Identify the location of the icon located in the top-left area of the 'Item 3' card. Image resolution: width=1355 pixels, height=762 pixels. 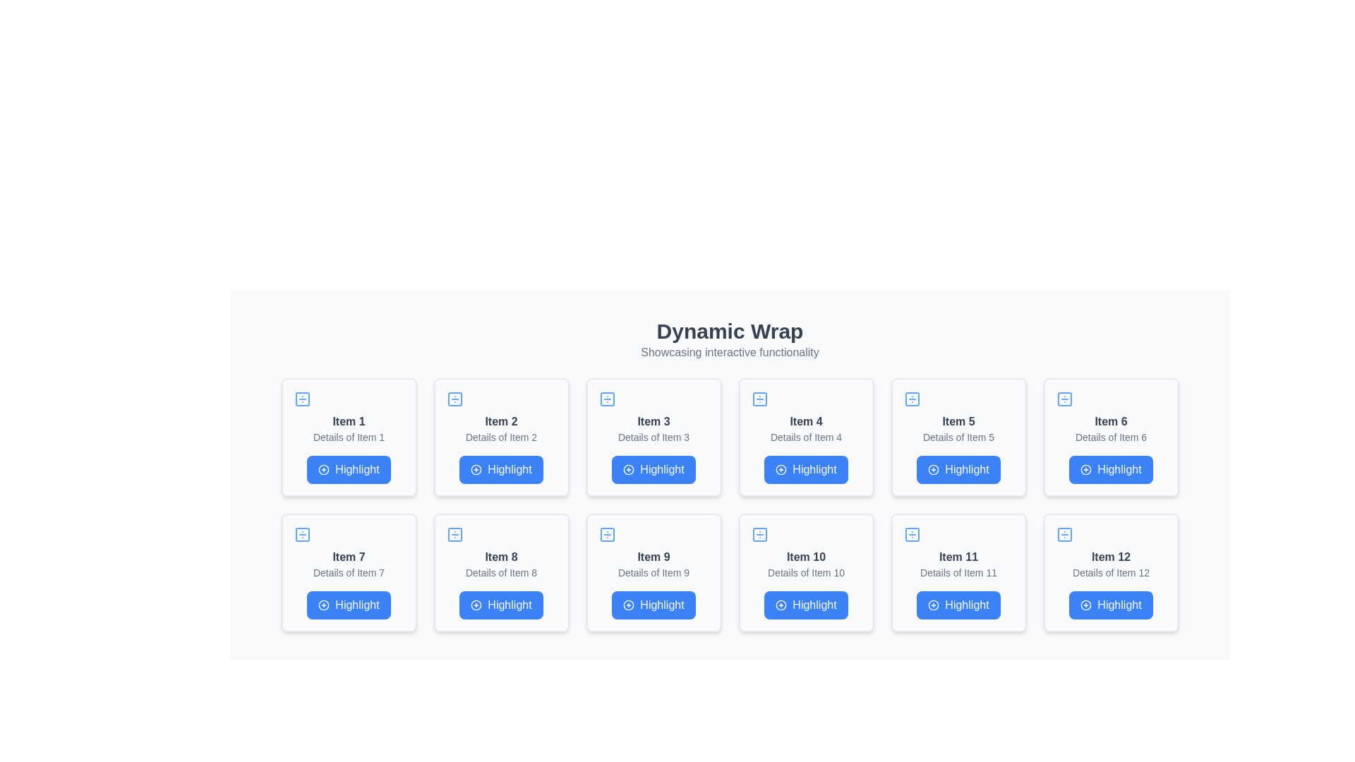
(607, 399).